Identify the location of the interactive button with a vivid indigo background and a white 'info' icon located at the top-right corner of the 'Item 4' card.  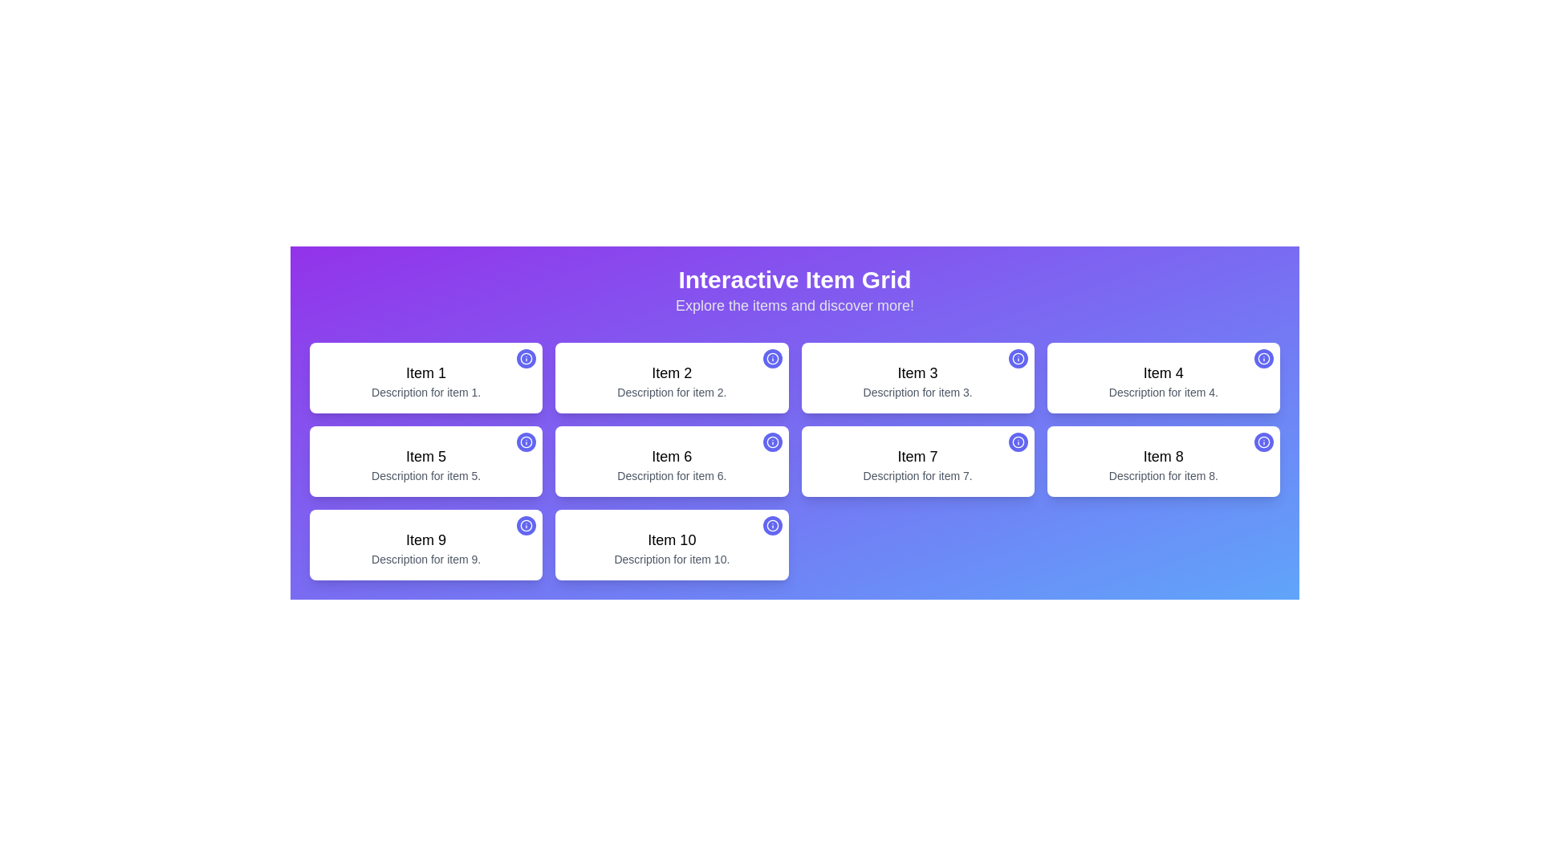
(1262, 358).